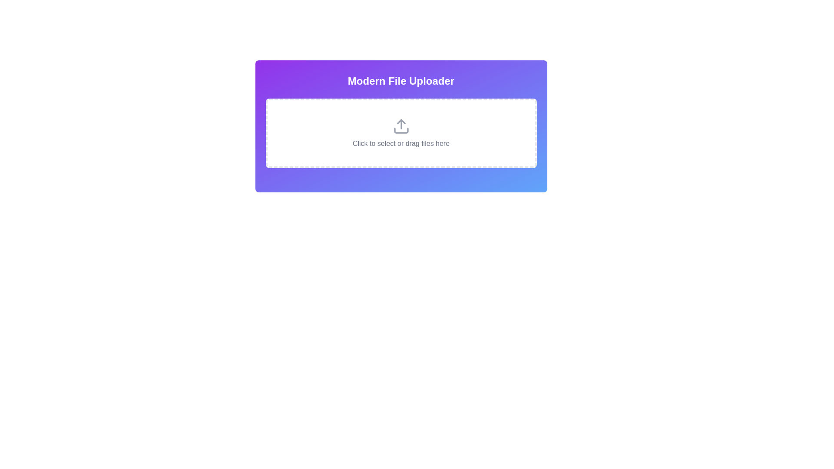 This screenshot has height=469, width=834. I want to click on the instructional text label that instructs users on how to upload files, located centrally within the file upload component below the upload icon, so click(400, 143).